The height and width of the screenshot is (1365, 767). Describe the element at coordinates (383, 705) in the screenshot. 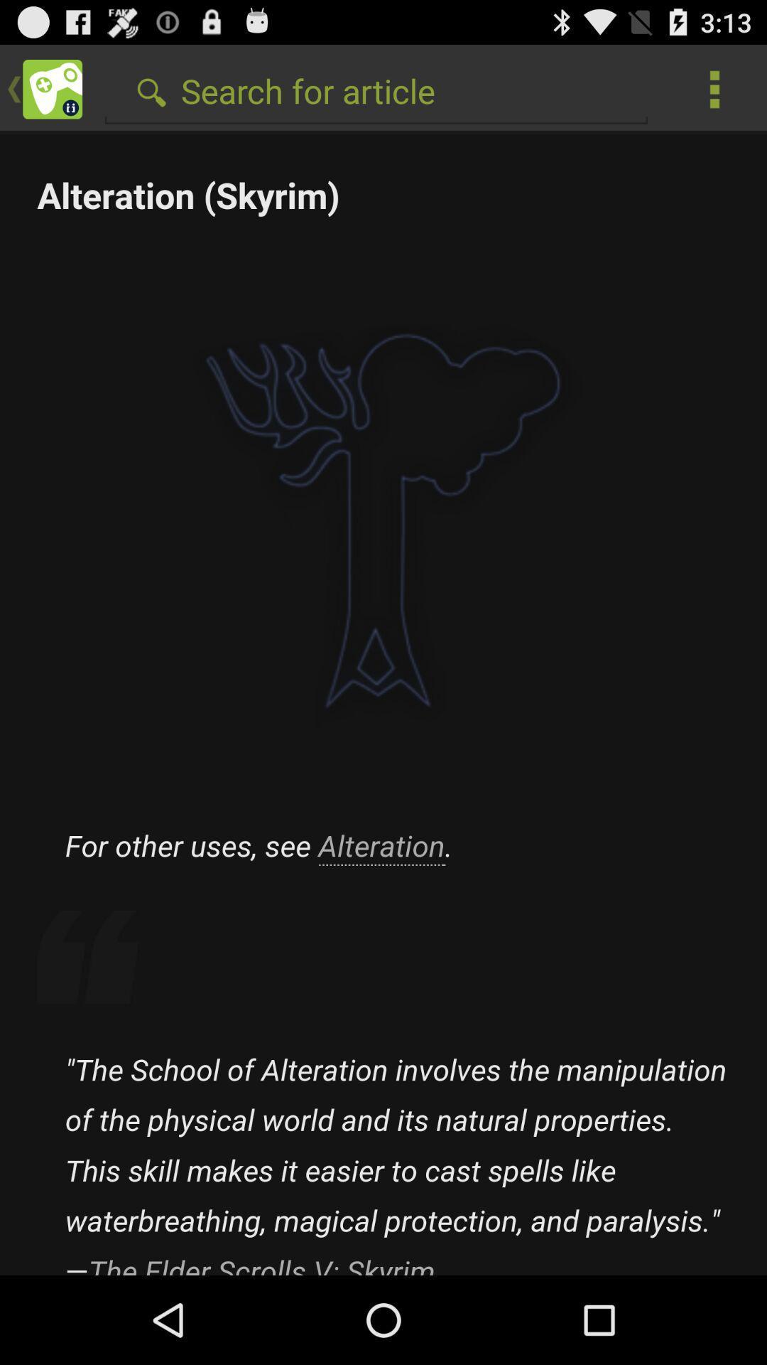

I see `description` at that location.